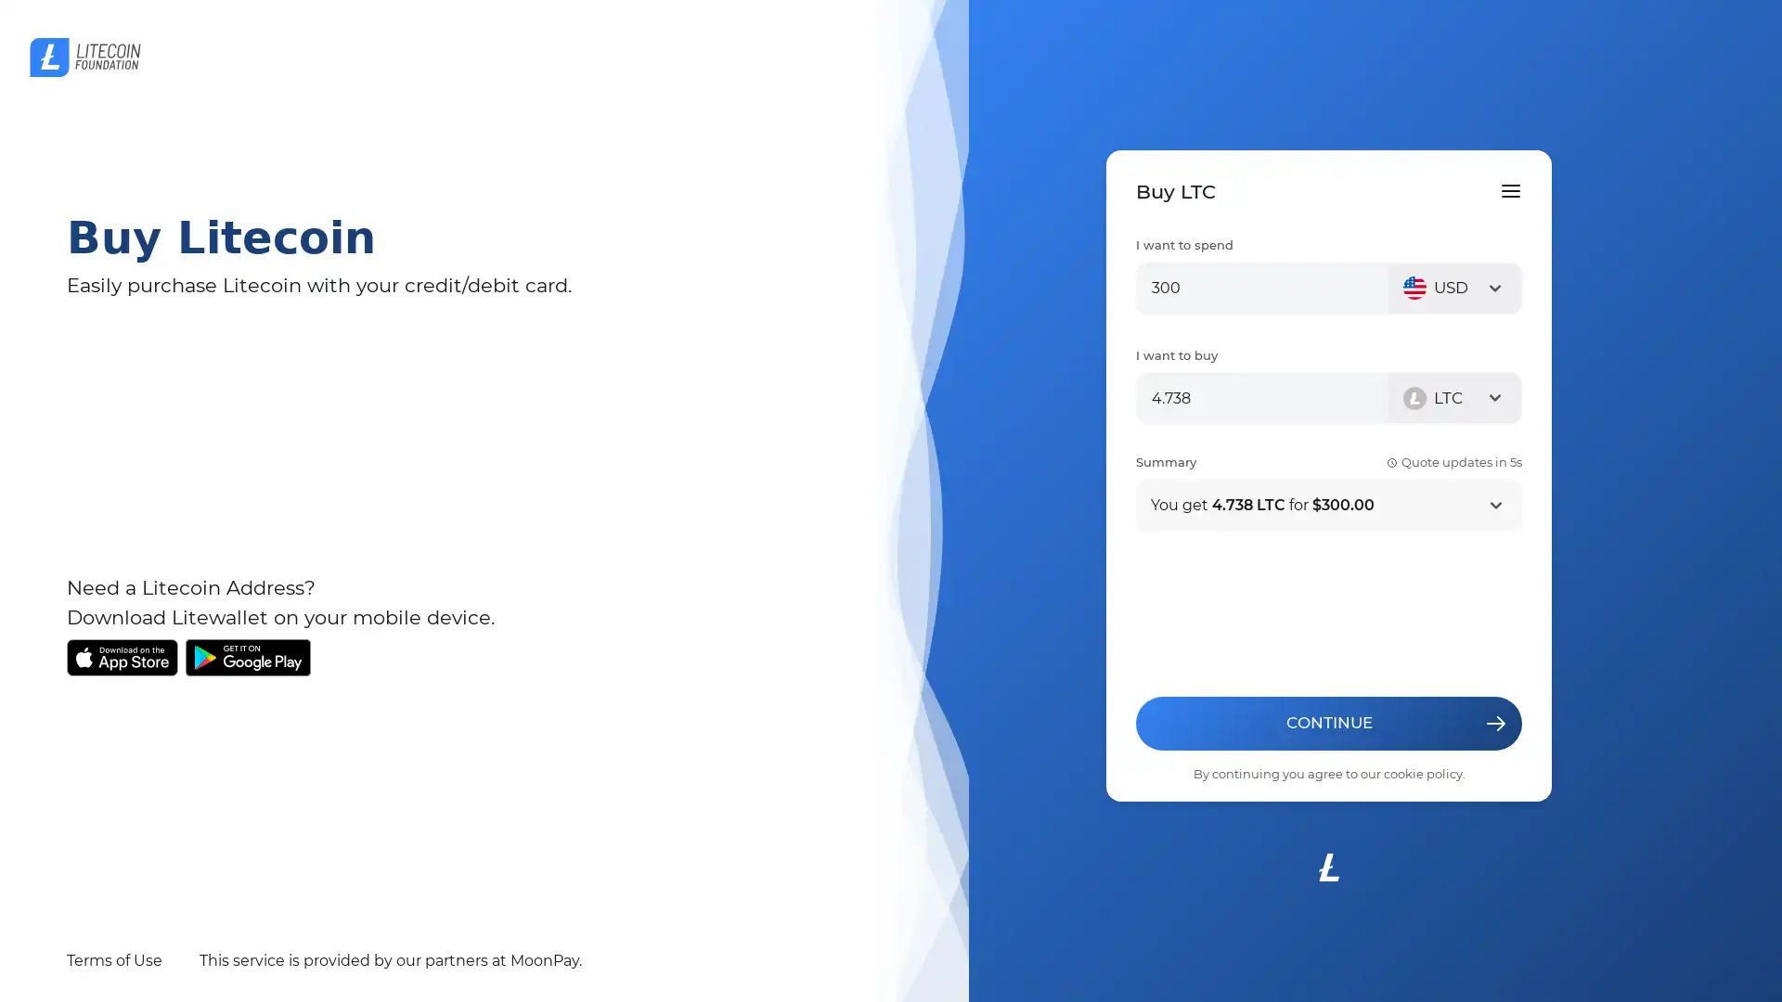 The image size is (1782, 1002). What do you see at coordinates (1453, 396) in the screenshot?
I see `LTC` at bounding box center [1453, 396].